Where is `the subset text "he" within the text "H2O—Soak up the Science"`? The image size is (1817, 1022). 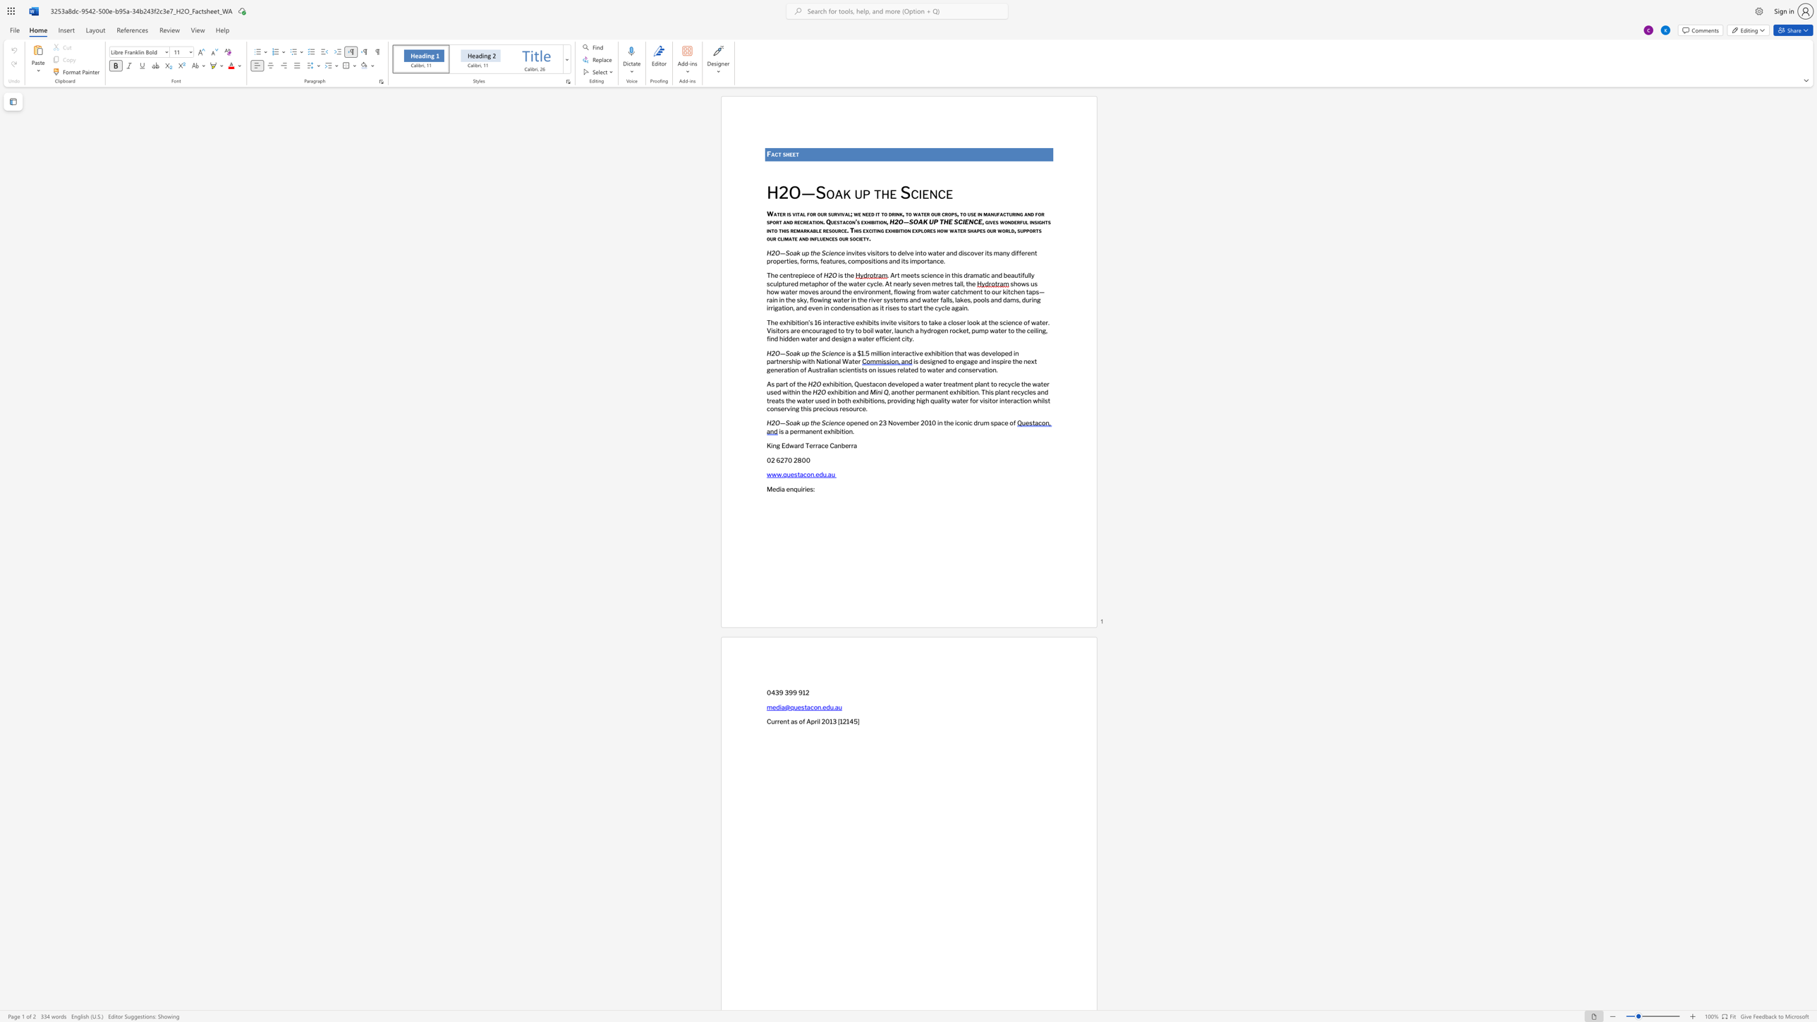
the subset text "he" within the text "H2O—Soak up the Science" is located at coordinates (880, 192).